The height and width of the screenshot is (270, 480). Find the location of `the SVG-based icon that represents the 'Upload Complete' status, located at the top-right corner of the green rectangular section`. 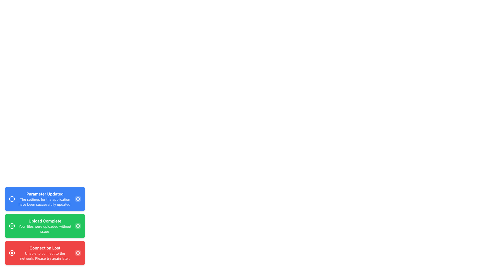

the SVG-based icon that represents the 'Upload Complete' status, located at the top-right corner of the green rectangular section is located at coordinates (78, 226).